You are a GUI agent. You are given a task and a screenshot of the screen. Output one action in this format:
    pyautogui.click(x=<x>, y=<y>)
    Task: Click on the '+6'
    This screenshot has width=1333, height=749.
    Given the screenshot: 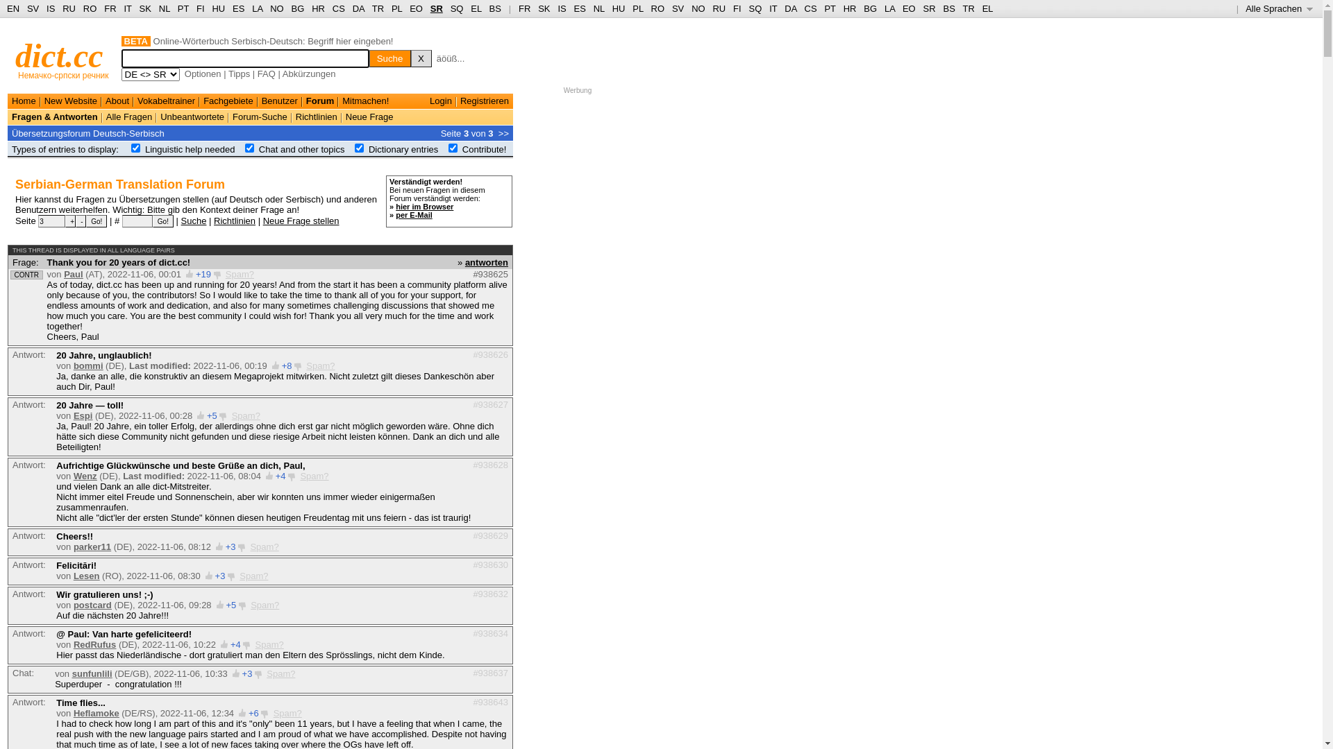 What is the action you would take?
    pyautogui.click(x=249, y=713)
    